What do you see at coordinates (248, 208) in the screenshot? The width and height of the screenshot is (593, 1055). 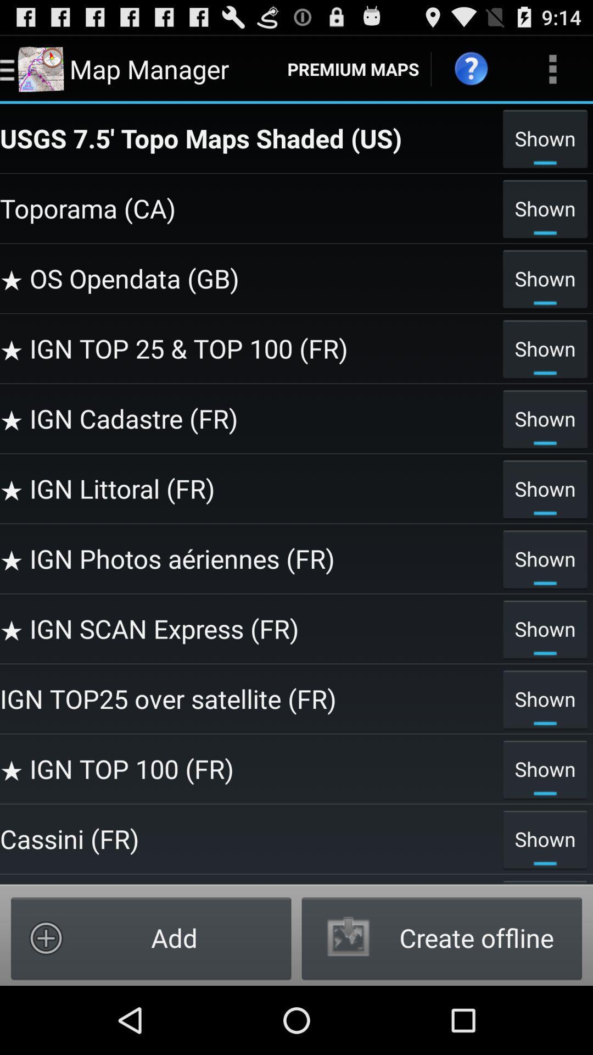 I see `the item next to shown item` at bounding box center [248, 208].